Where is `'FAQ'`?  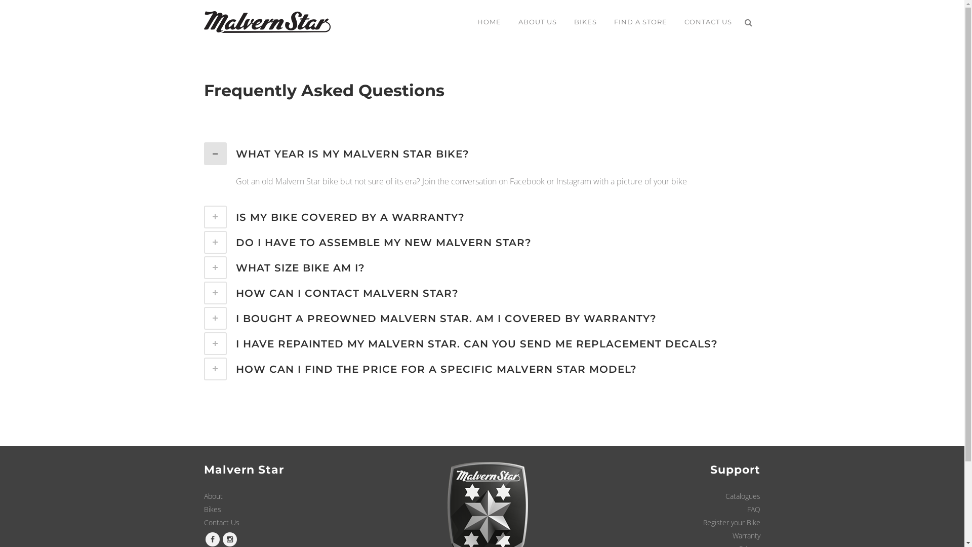 'FAQ' is located at coordinates (753, 509).